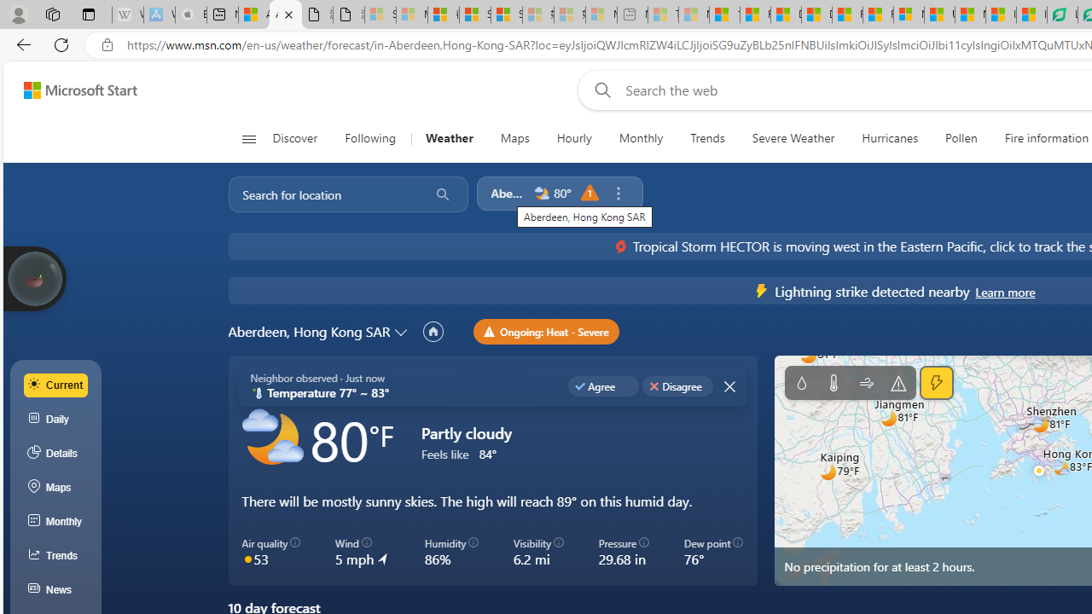  I want to click on 'Remove location', so click(617, 193).